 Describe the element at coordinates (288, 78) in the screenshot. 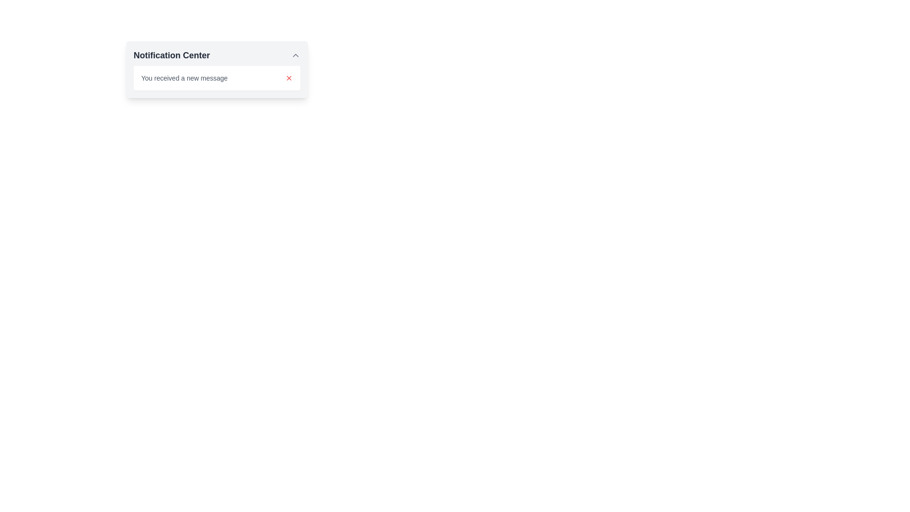

I see `the close button located in the top-right section of the notification area to trigger the hover effect` at that location.